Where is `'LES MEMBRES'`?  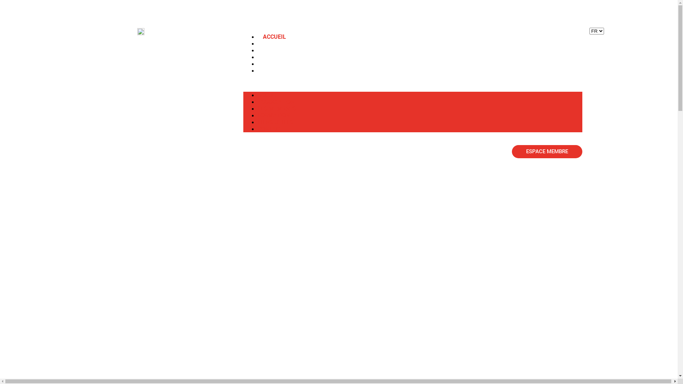 'LES MEMBRES' is located at coordinates (257, 108).